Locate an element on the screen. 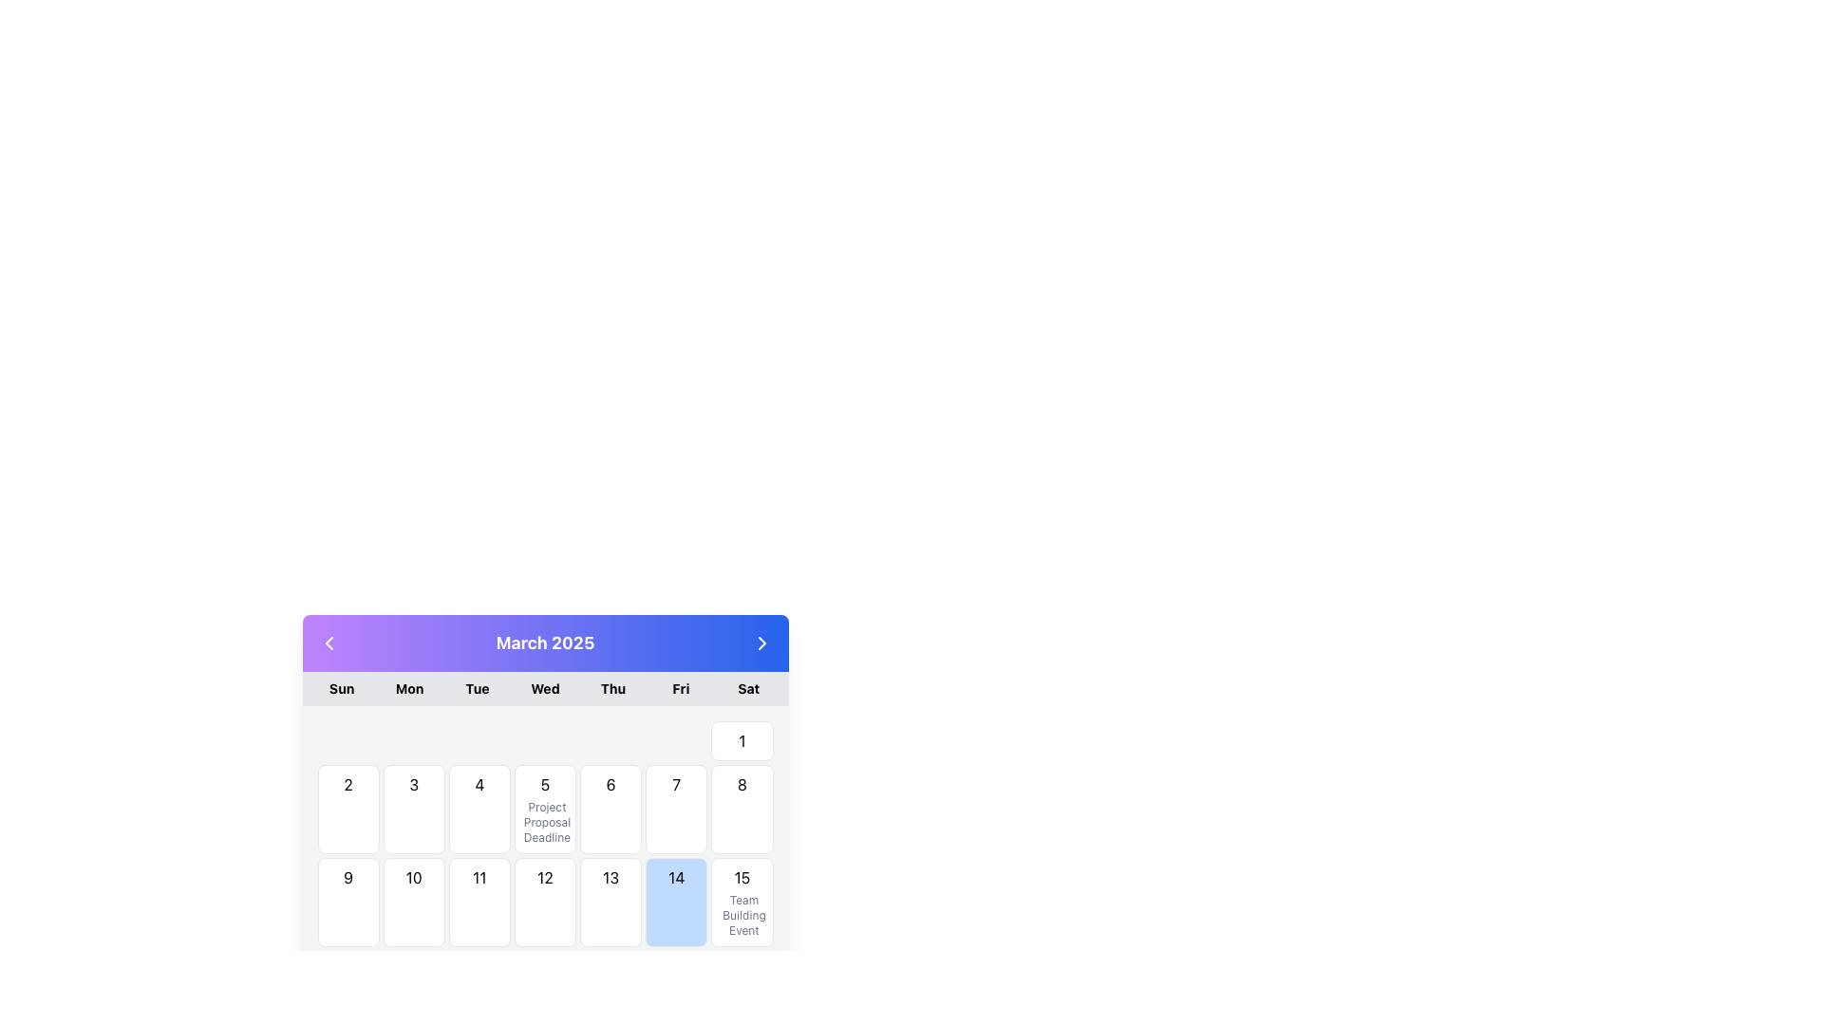 The width and height of the screenshot is (1823, 1025). the calendar date cell representing the date '2' in the first column of the grid layout is located at coordinates (348, 809).